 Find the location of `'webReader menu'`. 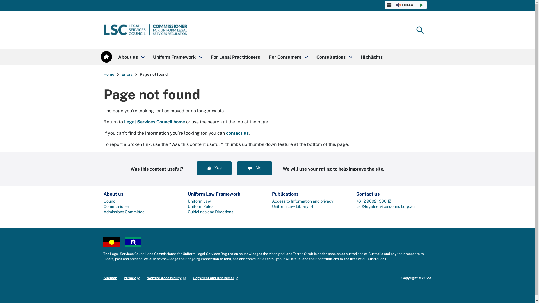

'webReader menu' is located at coordinates (389, 5).